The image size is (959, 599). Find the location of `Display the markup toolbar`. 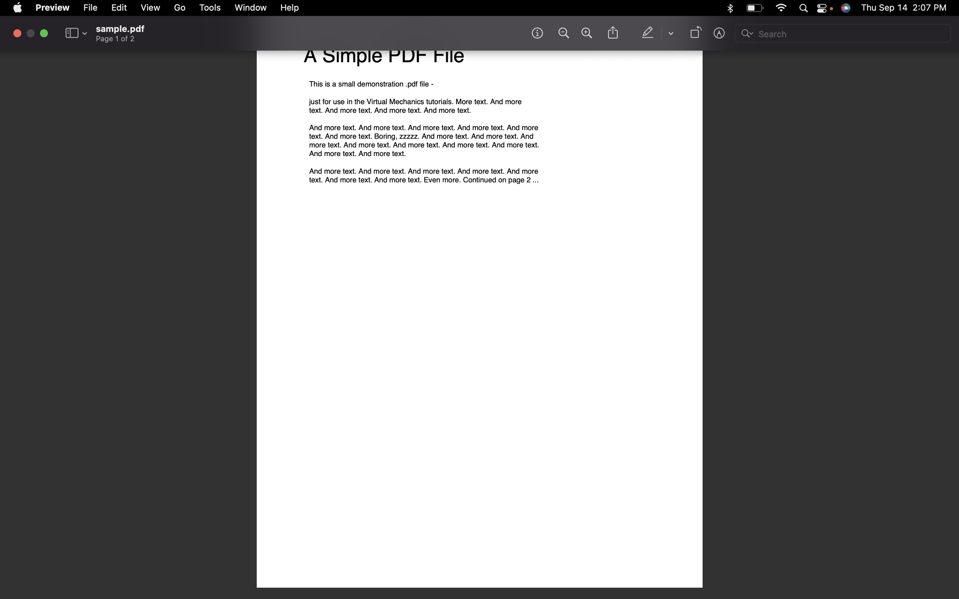

Display the markup toolbar is located at coordinates (720, 34).